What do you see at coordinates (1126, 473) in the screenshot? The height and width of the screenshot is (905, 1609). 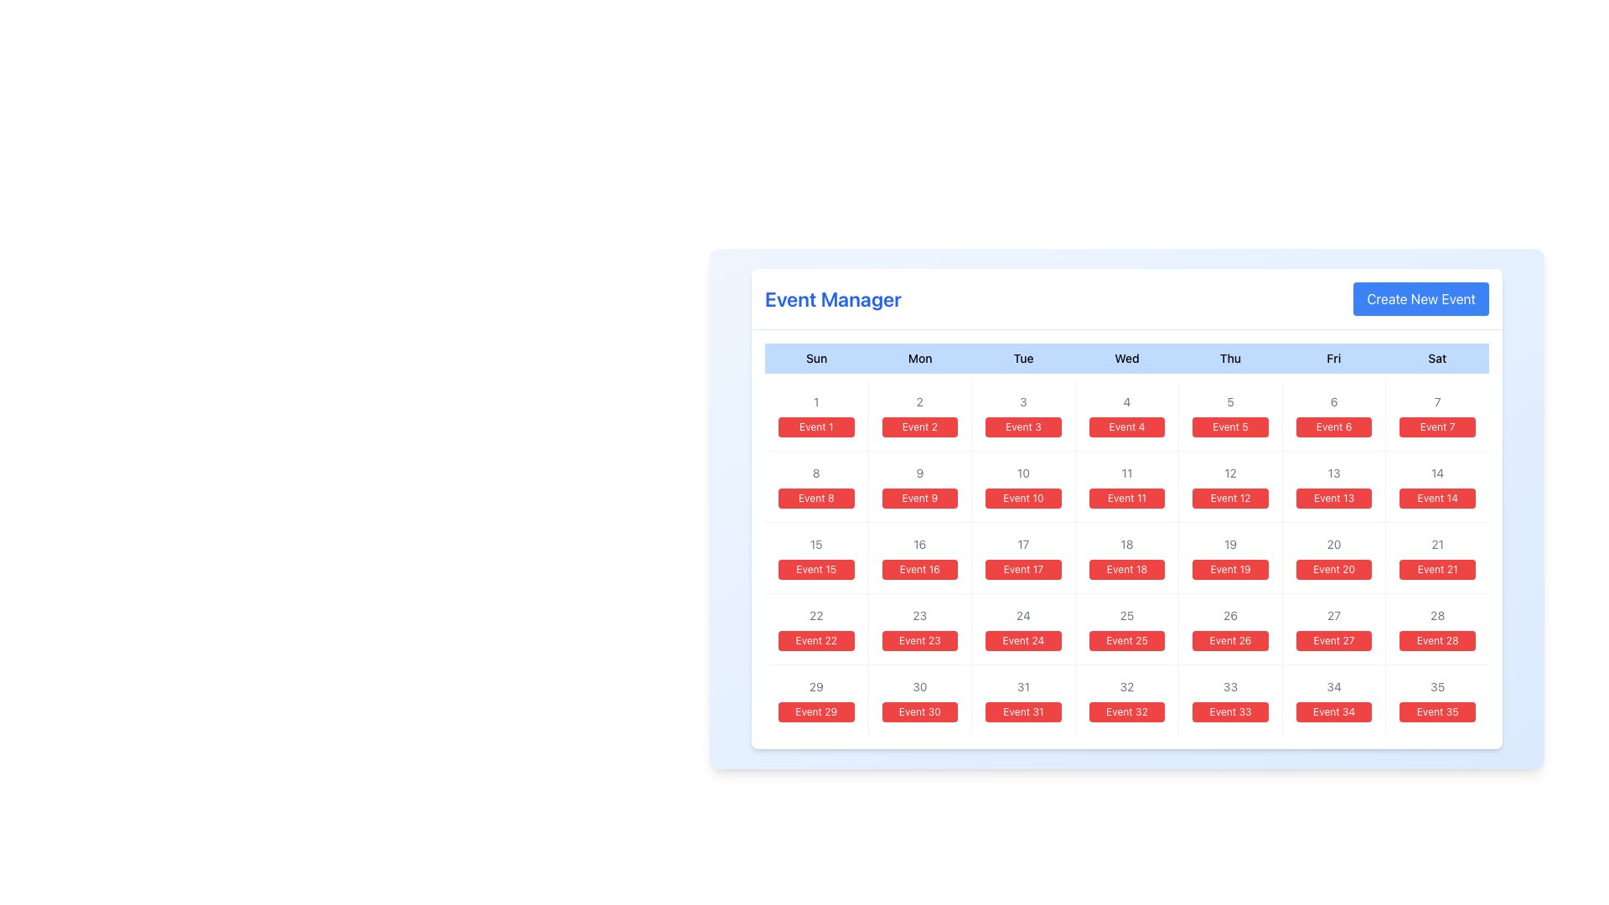 I see `the compact gray-colored static text displaying '11', which is positioned within the calendar grid above the 'Event 11' button` at bounding box center [1126, 473].